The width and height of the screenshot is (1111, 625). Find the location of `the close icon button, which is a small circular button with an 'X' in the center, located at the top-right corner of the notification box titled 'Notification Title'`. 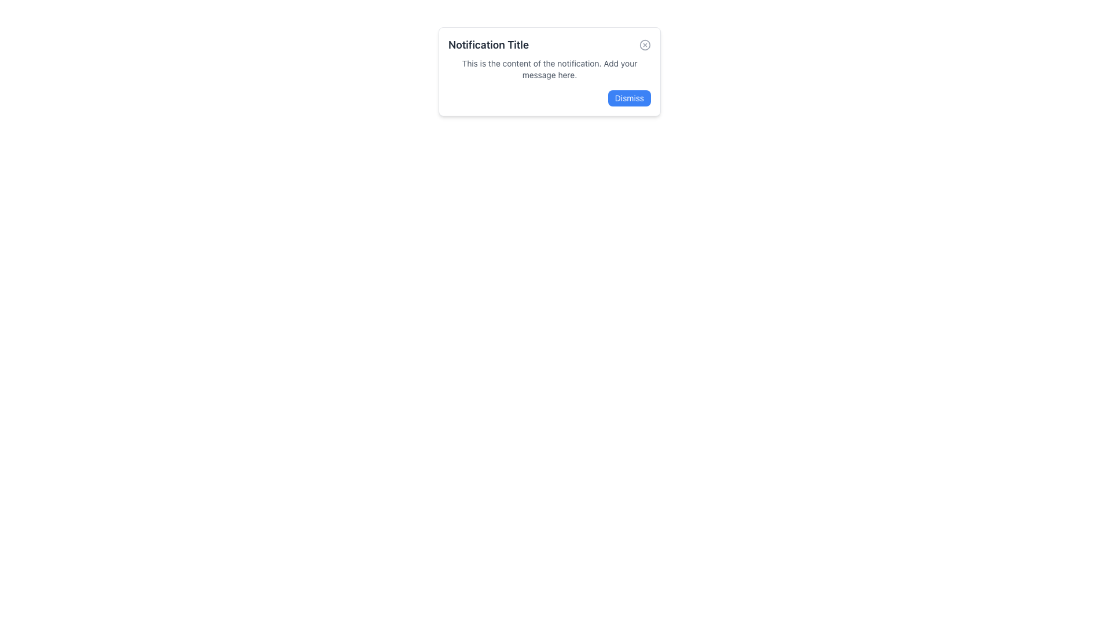

the close icon button, which is a small circular button with an 'X' in the center, located at the top-right corner of the notification box titled 'Notification Title' is located at coordinates (644, 44).